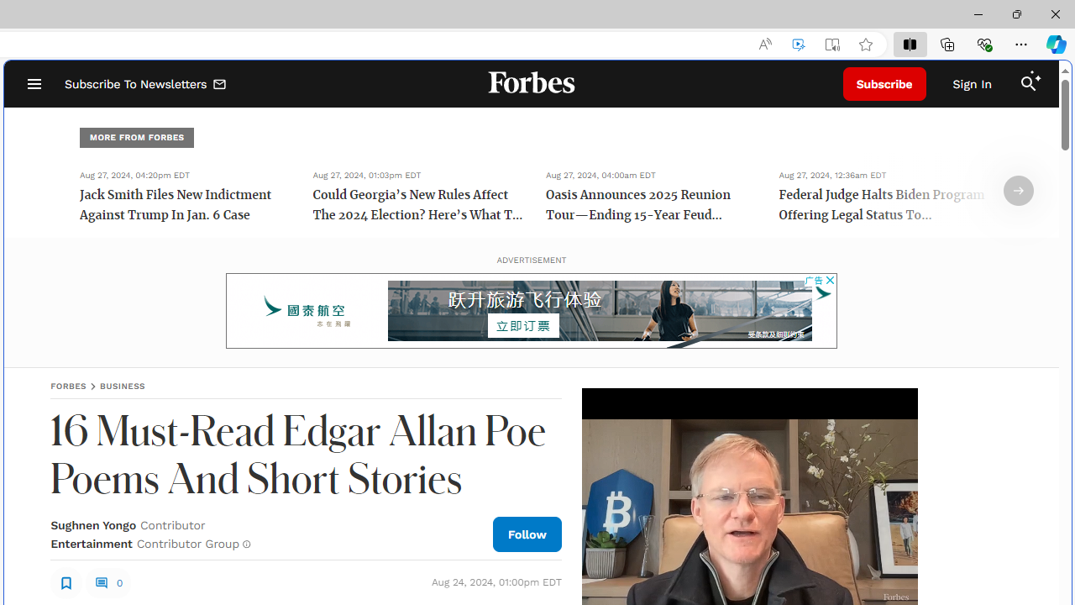 This screenshot has width=1075, height=605. What do you see at coordinates (884, 84) in the screenshot?
I see `'Subscribe'` at bounding box center [884, 84].